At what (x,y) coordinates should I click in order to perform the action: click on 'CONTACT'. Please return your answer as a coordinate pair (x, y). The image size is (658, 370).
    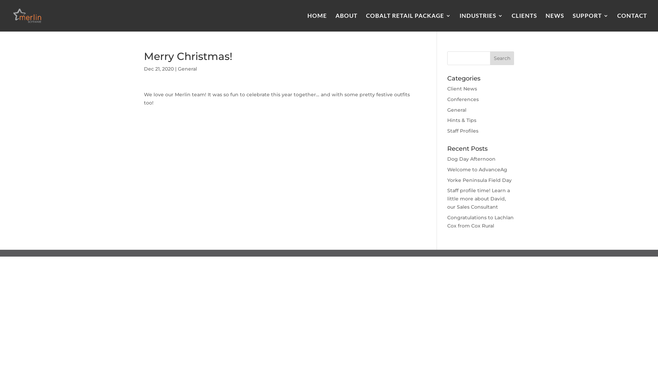
    Looking at the image, I should click on (632, 22).